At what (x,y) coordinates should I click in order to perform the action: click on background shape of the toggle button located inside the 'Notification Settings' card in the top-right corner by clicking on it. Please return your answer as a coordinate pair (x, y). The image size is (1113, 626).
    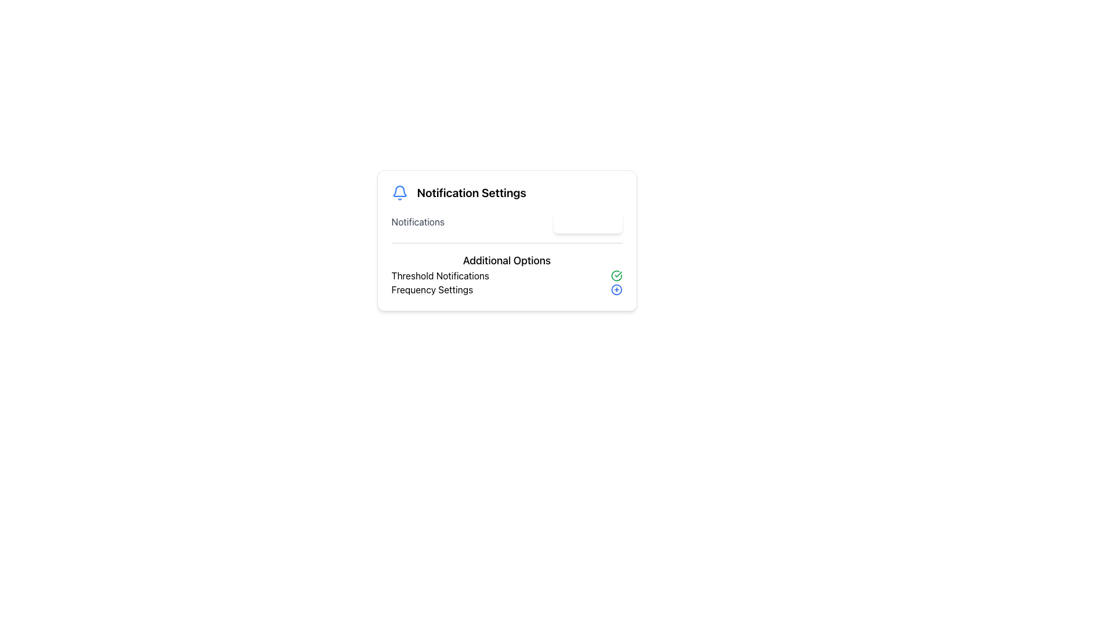
    Looking at the image, I should click on (606, 221).